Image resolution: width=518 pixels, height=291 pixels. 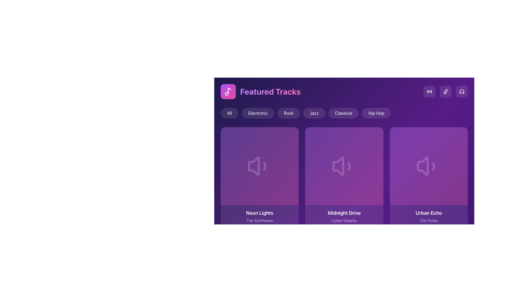 I want to click on the purple square button with a microphone icon located in the upper-right corner of the 'Featured Tracks' section, so click(x=445, y=91).